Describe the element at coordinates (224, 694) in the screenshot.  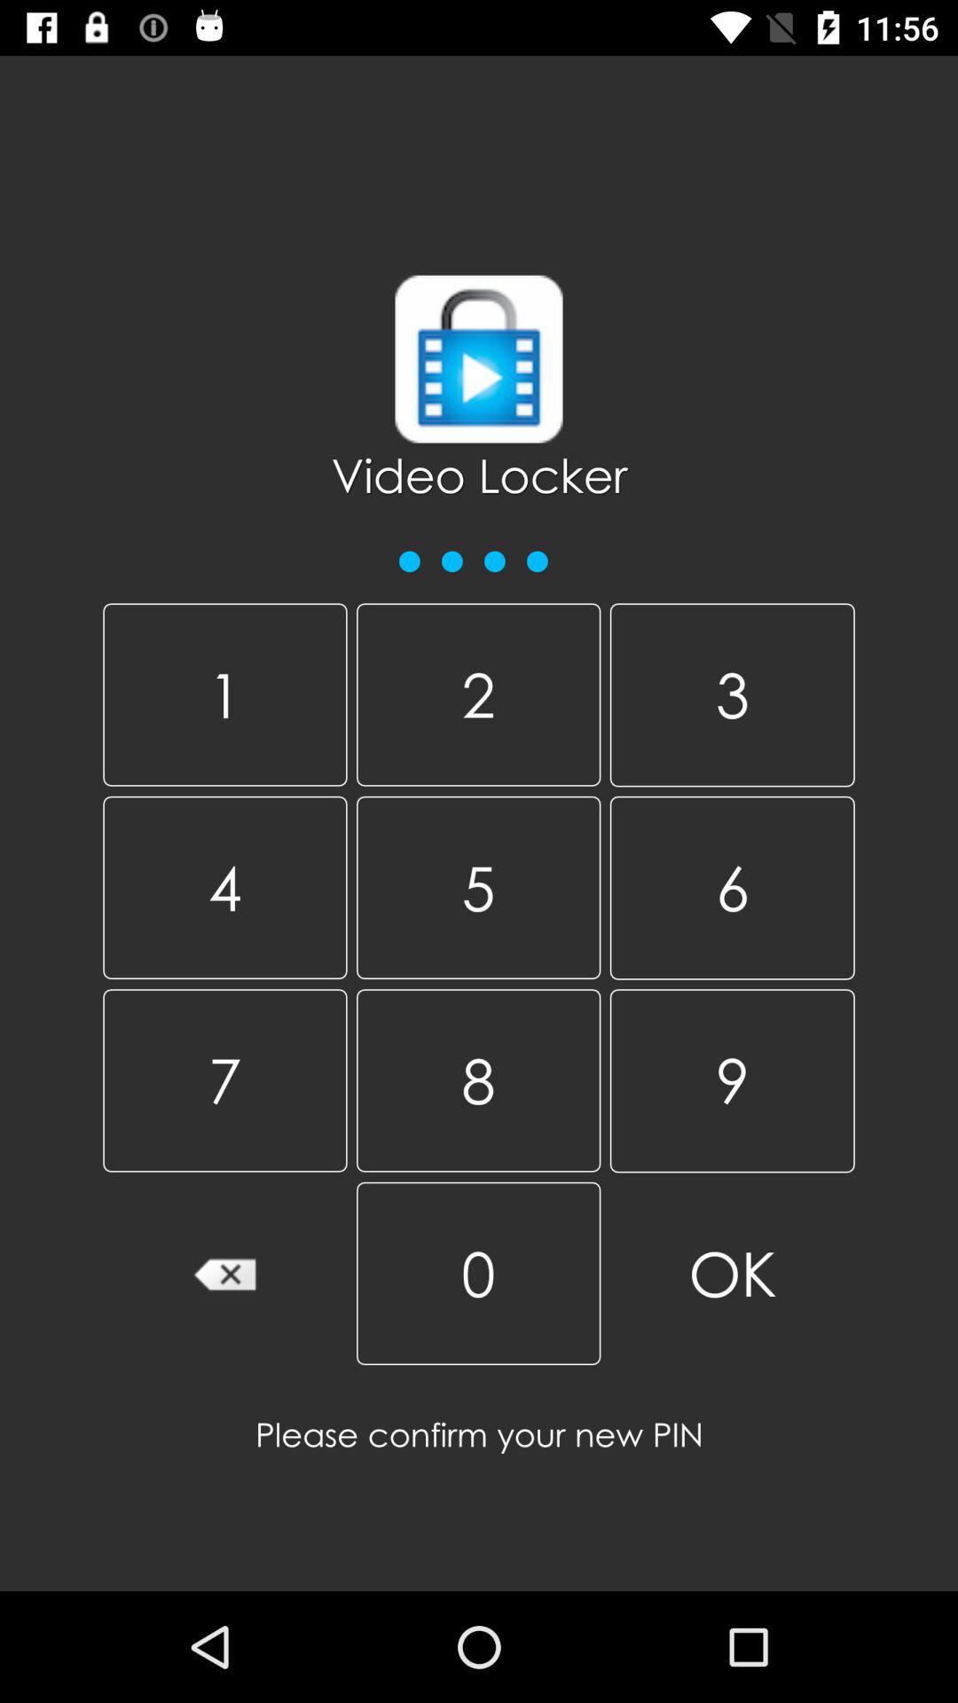
I see `the item below 1234` at that location.